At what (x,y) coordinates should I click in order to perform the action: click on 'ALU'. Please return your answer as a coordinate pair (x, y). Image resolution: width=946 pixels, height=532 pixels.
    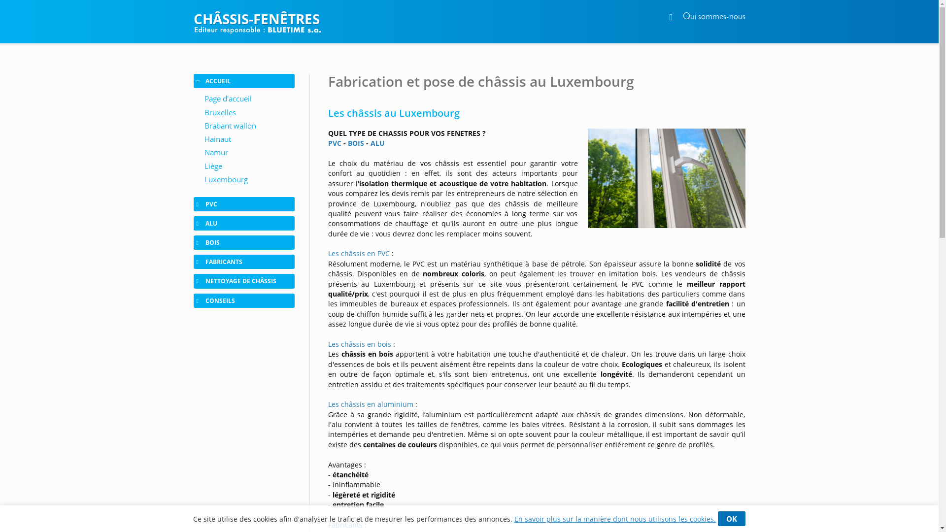
    Looking at the image, I should click on (377, 143).